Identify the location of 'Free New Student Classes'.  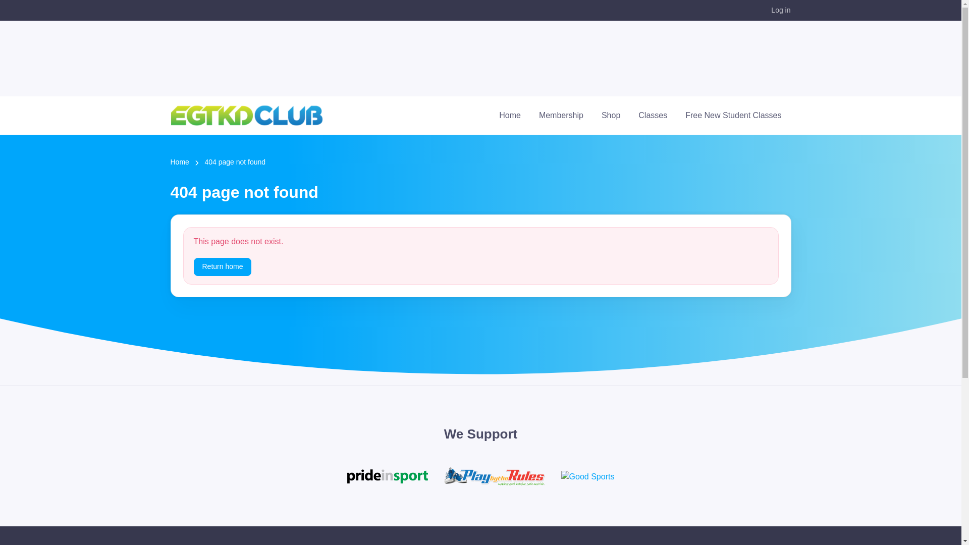
(733, 115).